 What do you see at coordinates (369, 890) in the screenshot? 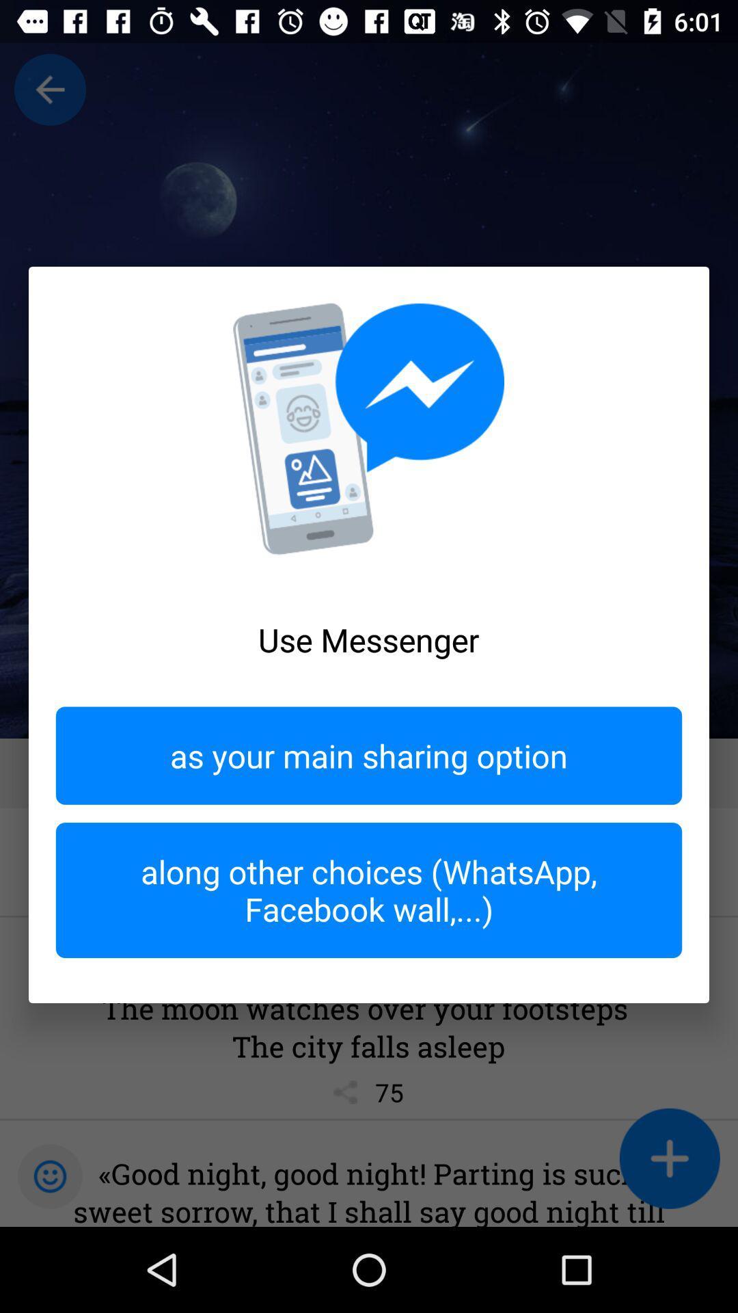
I see `along other choices item` at bounding box center [369, 890].